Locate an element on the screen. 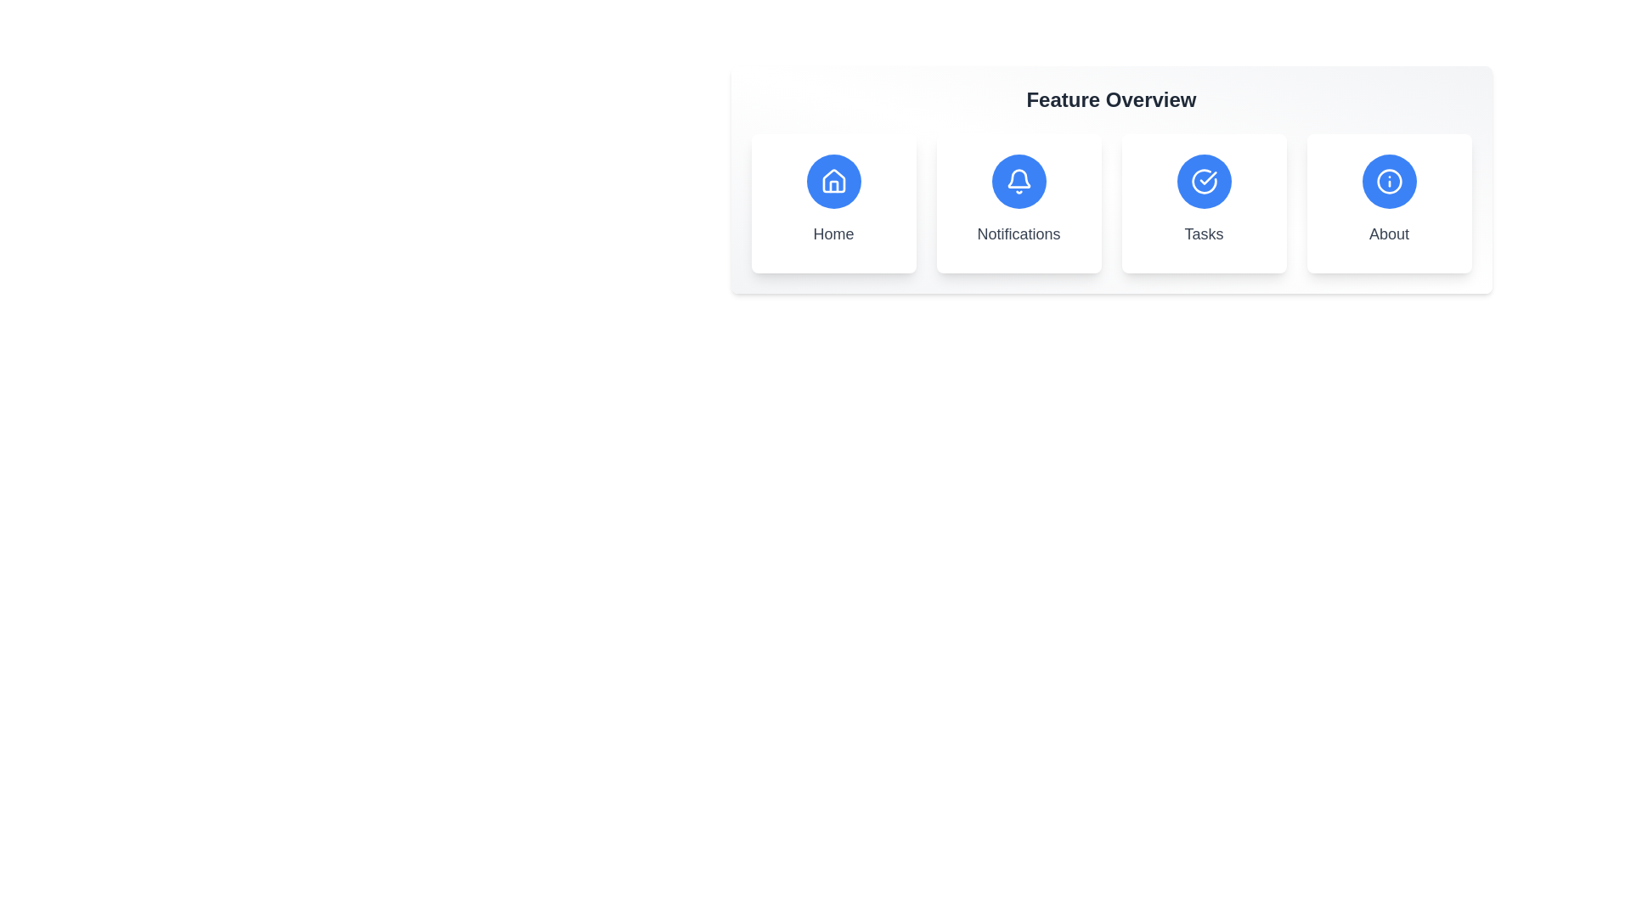 This screenshot has height=917, width=1631. the 'About' static text label, which is styled with medium-bold gray text and located at the bottom center of the fourth card in a row of feature overview sections is located at coordinates (1389, 234).